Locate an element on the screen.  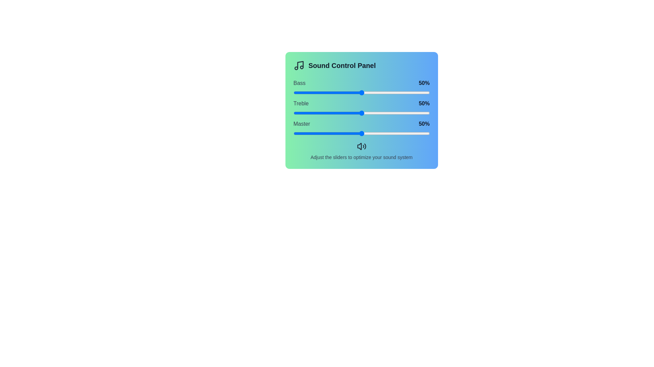
the Bass slider to 5% is located at coordinates (300, 93).